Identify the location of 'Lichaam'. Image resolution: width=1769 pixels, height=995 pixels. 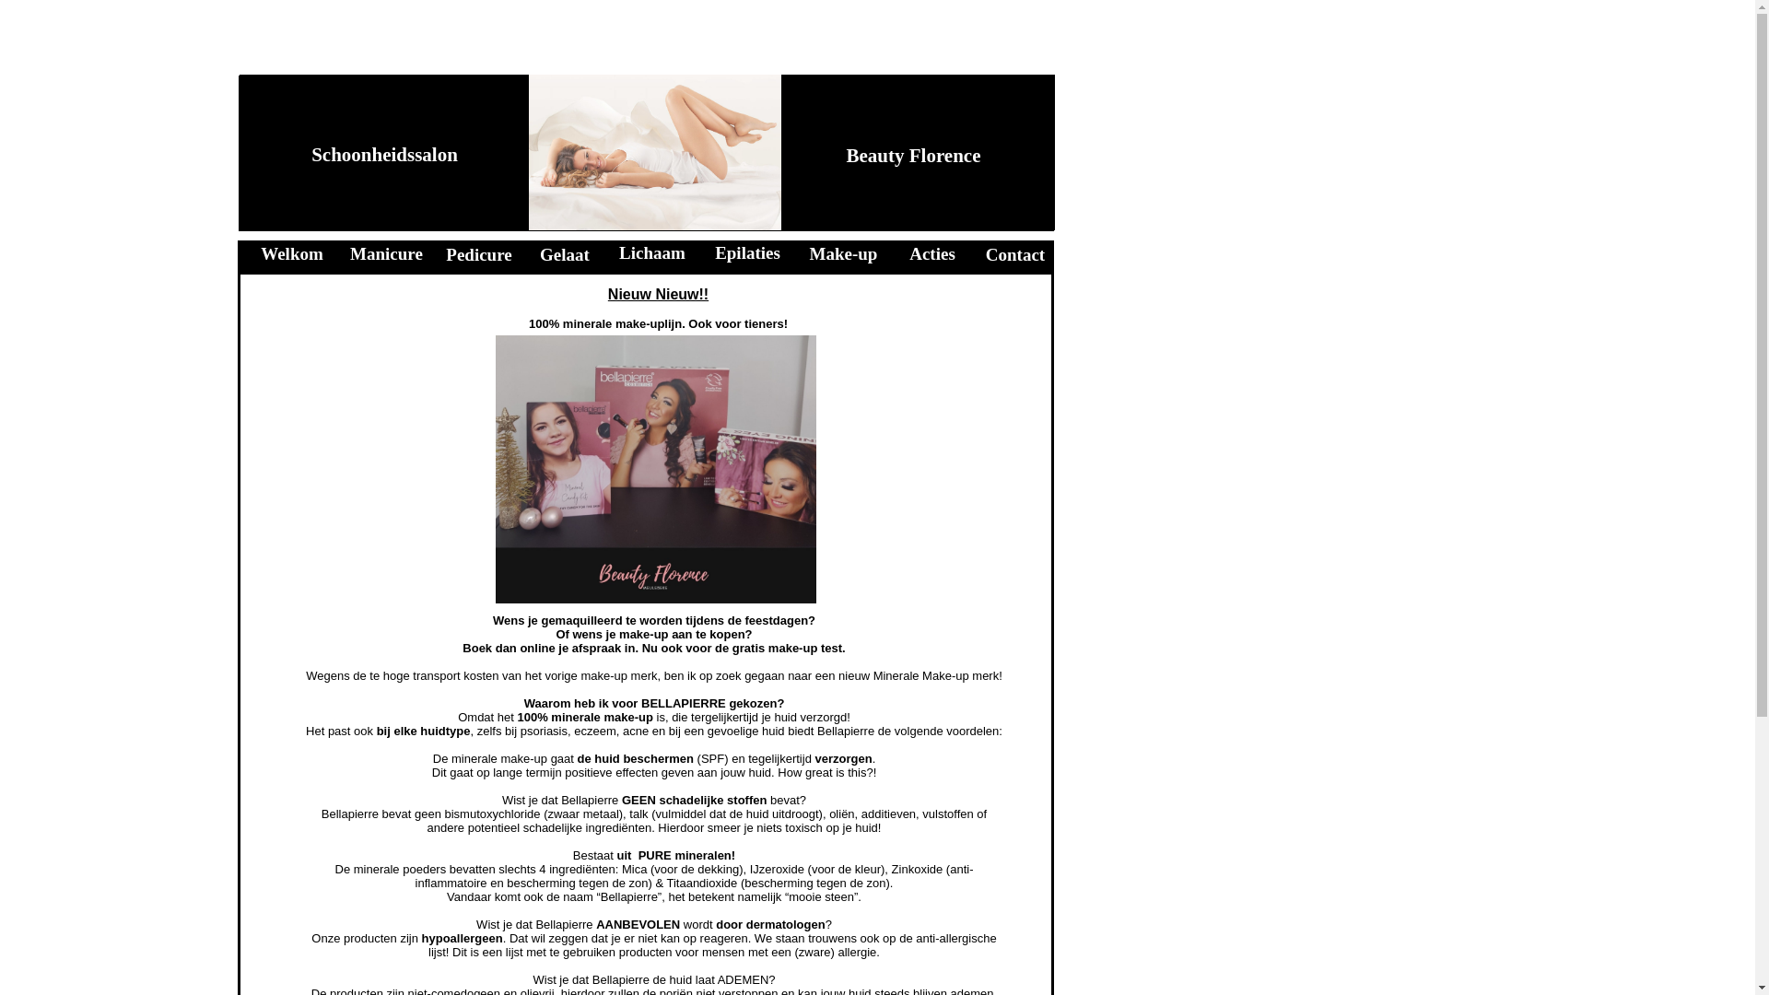
(652, 252).